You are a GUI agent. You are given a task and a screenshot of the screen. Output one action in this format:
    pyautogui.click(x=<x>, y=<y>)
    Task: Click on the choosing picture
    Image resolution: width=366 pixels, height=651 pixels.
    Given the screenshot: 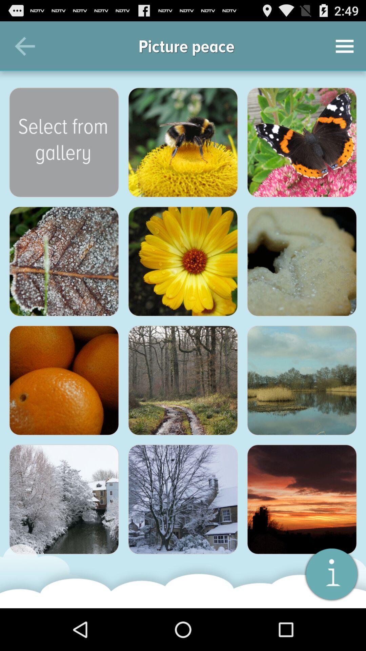 What is the action you would take?
    pyautogui.click(x=302, y=261)
    